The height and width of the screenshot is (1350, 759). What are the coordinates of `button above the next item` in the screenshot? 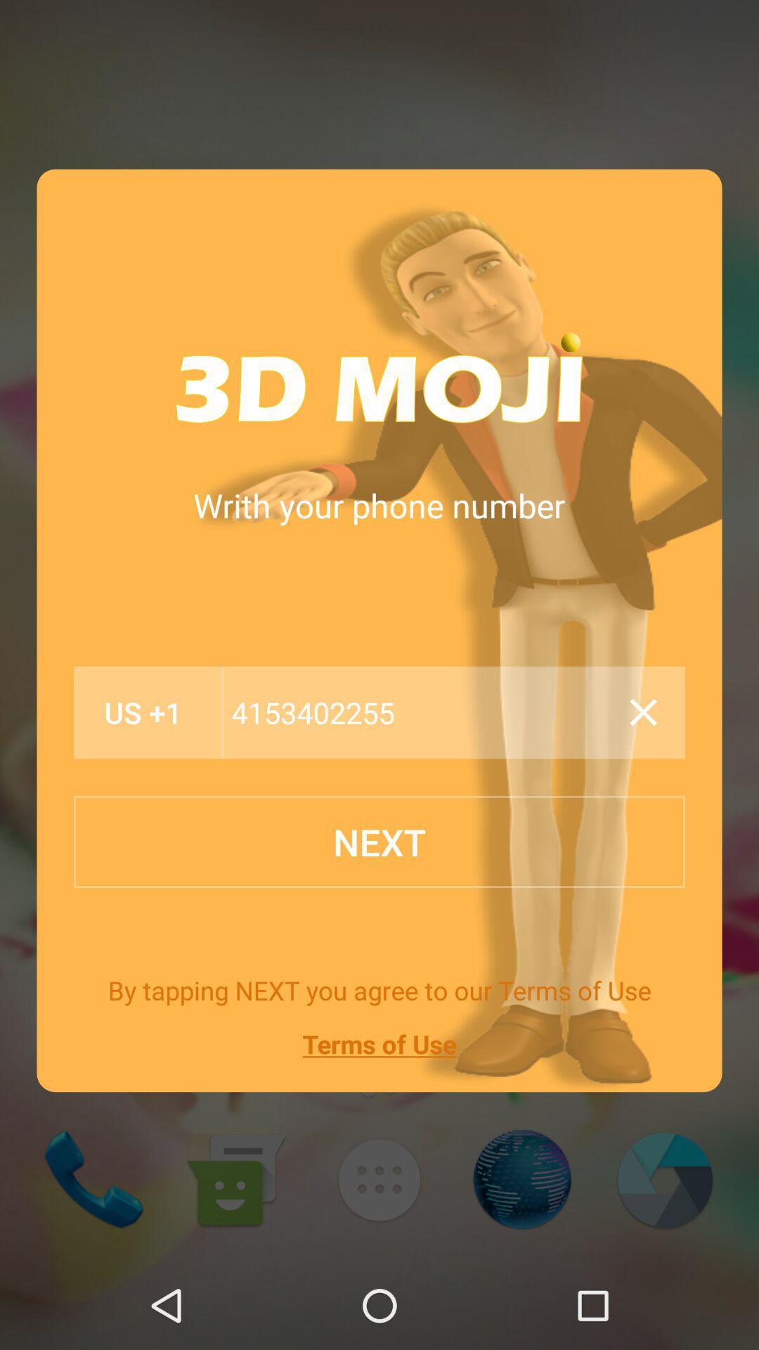 It's located at (420, 712).